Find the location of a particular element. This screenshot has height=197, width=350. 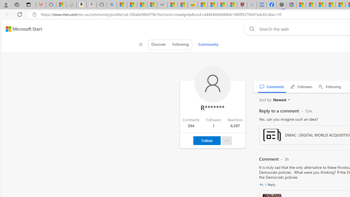

' Followers' is located at coordinates (301, 86).